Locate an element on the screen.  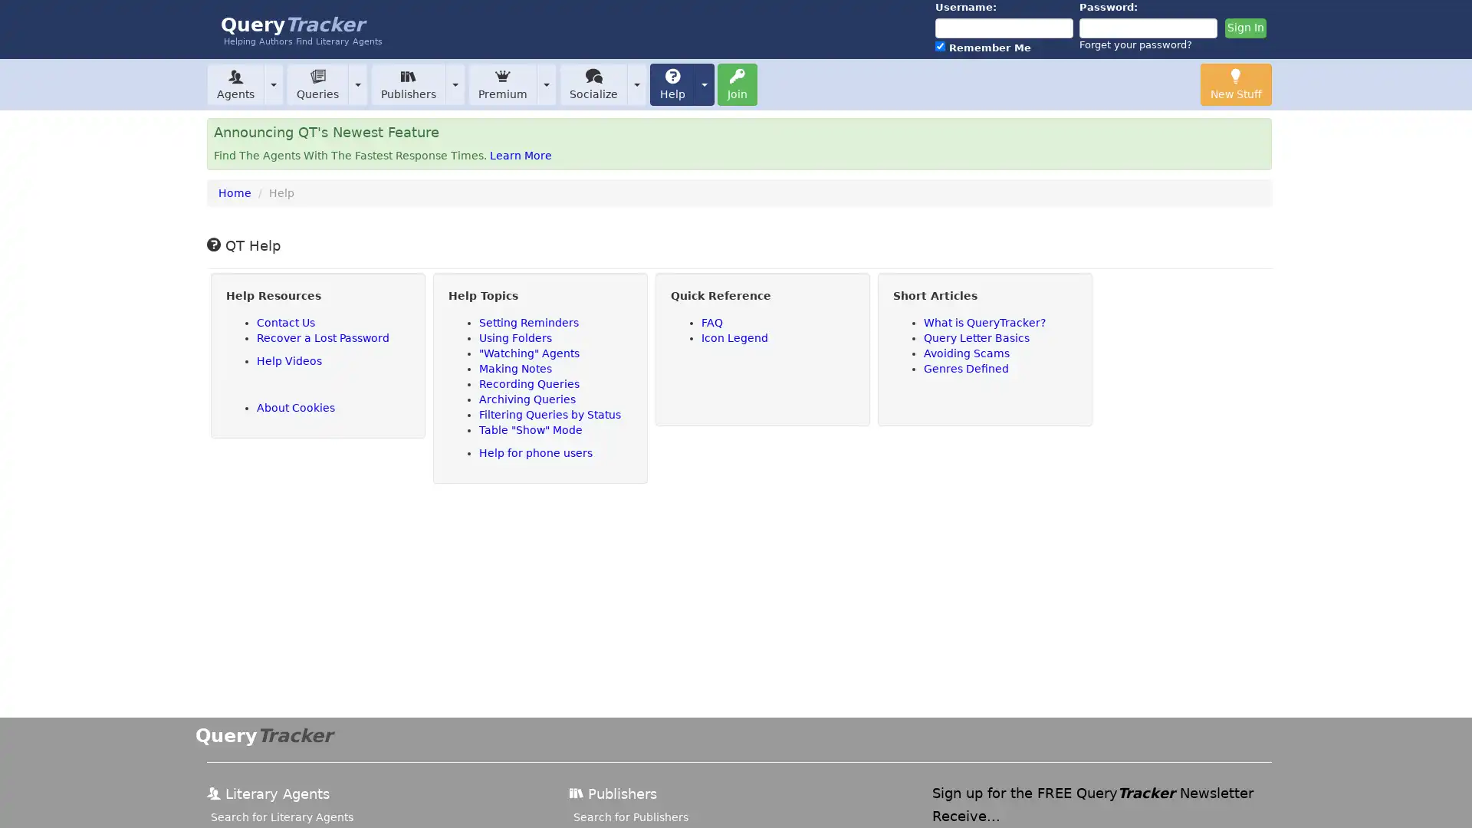
Toggle Dropdown is located at coordinates (356, 84).